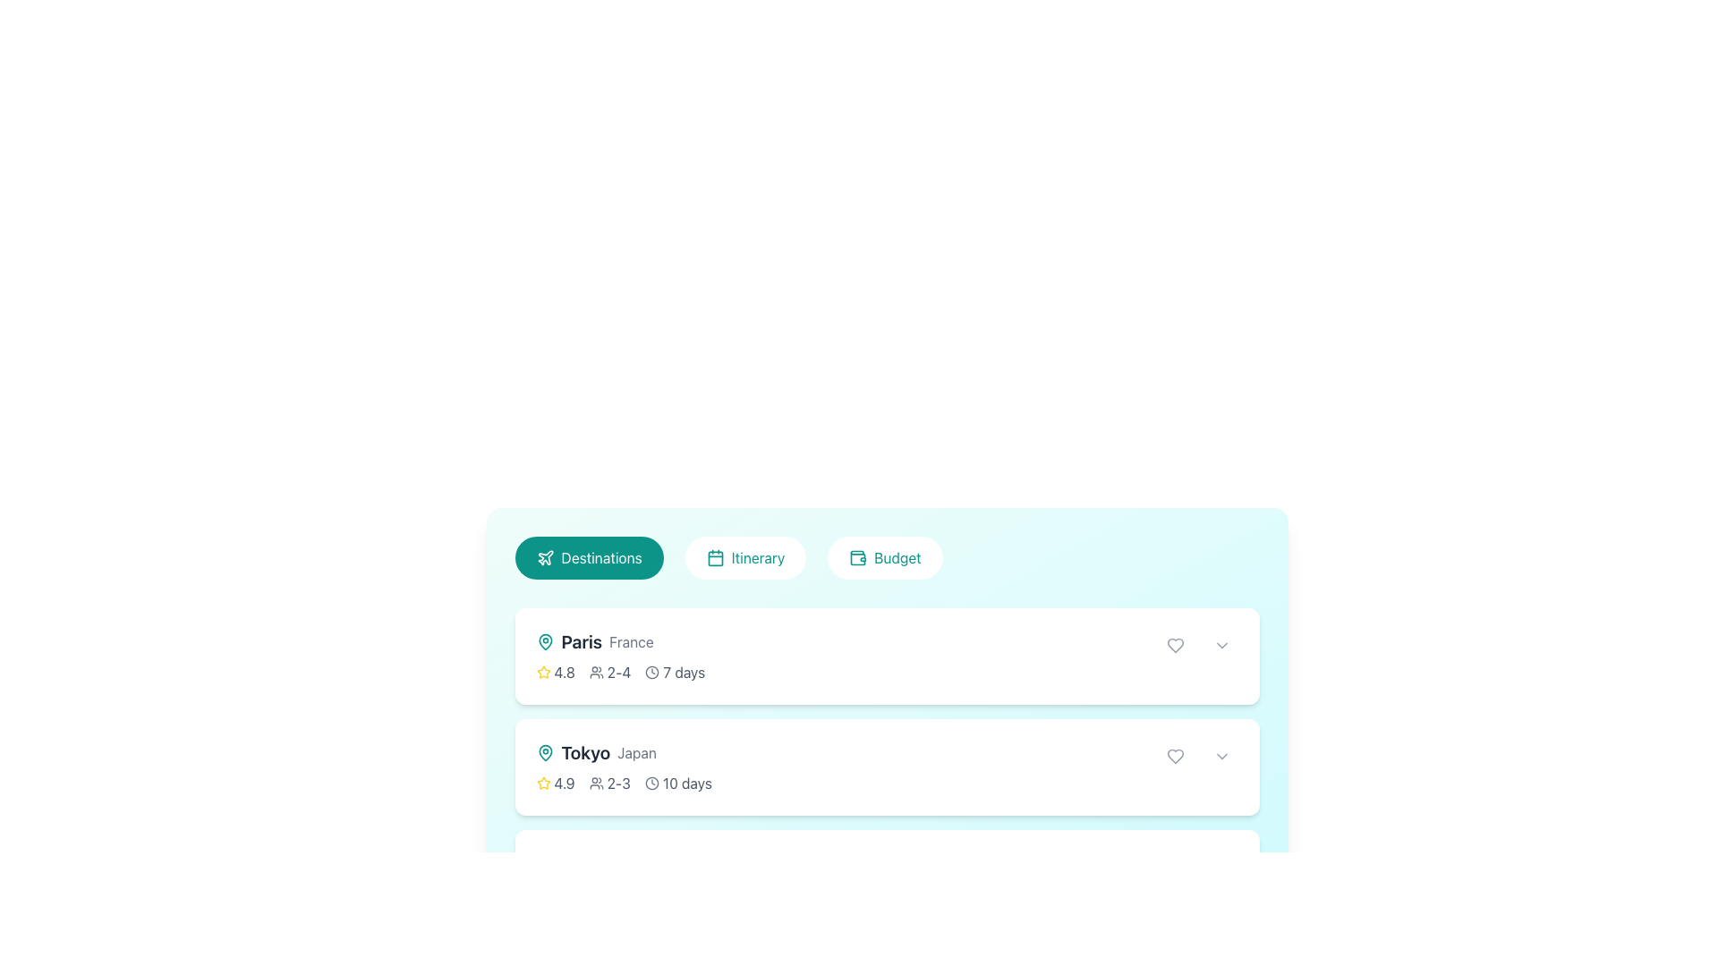 The height and width of the screenshot is (966, 1718). Describe the element at coordinates (1198, 645) in the screenshot. I see `the group of two interactive buttons, which includes a heart-shaped favorite button and a downward chevron dropdown menu trigger, located in the top-right corner of the Paris section` at that location.